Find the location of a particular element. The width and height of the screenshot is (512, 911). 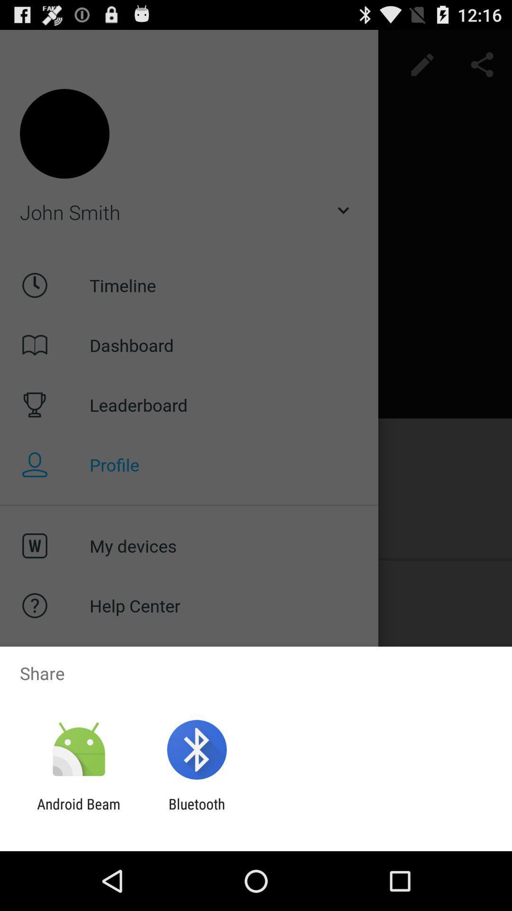

android beam app is located at coordinates (78, 812).